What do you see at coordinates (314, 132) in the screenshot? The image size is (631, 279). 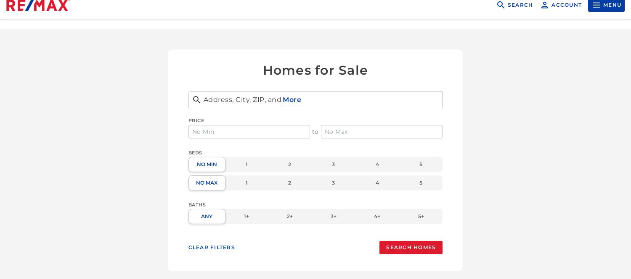 I see `'to'` at bounding box center [314, 132].